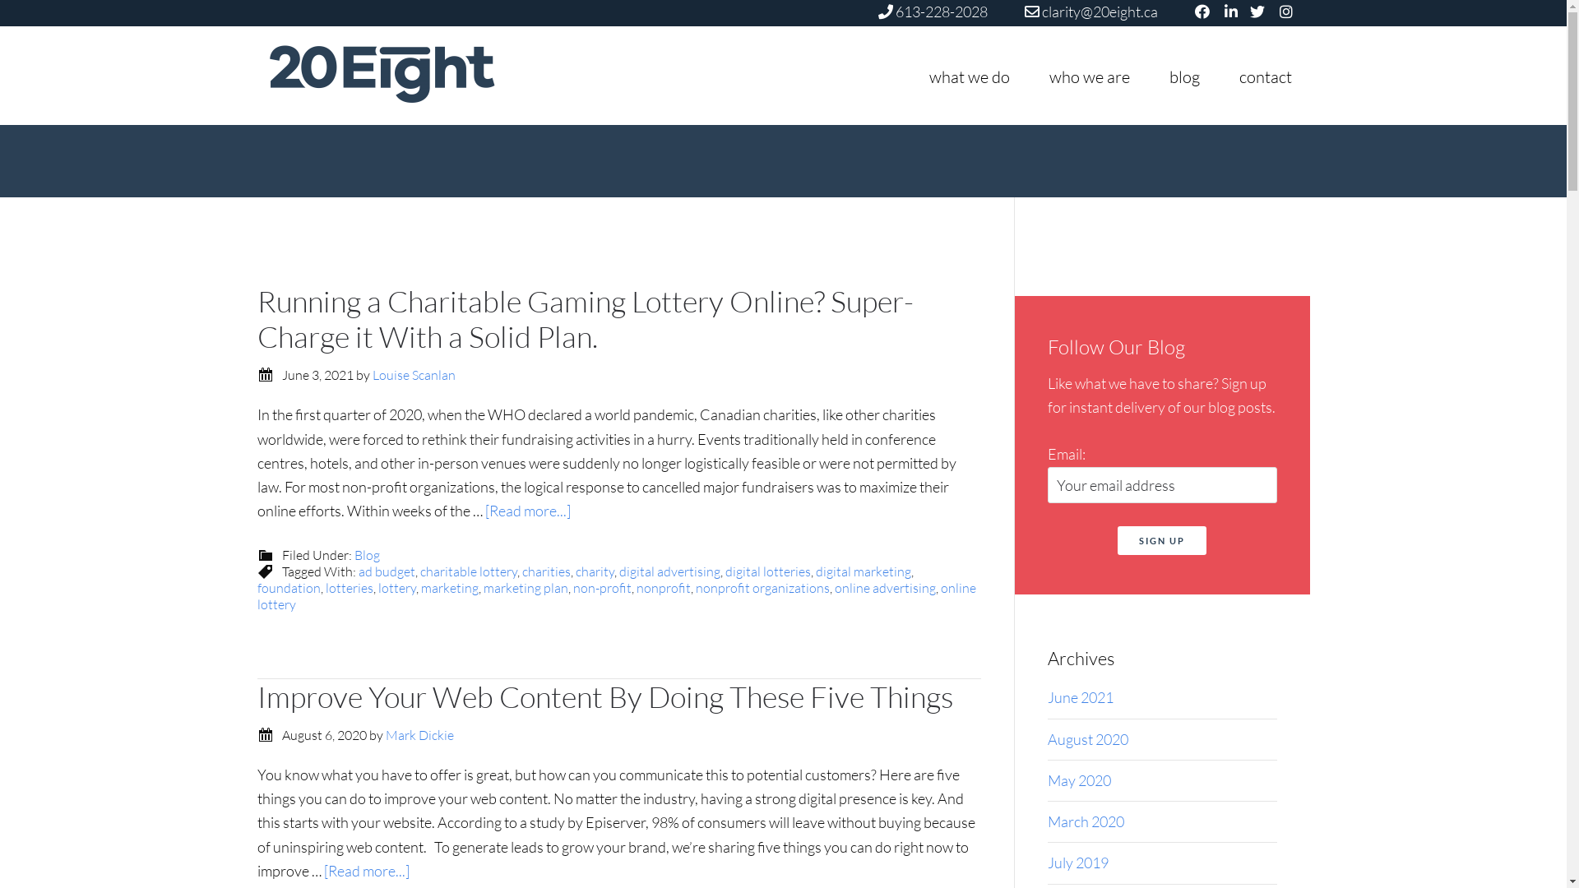 The width and height of the screenshot is (1579, 888). What do you see at coordinates (1184, 76) in the screenshot?
I see `'blog'` at bounding box center [1184, 76].